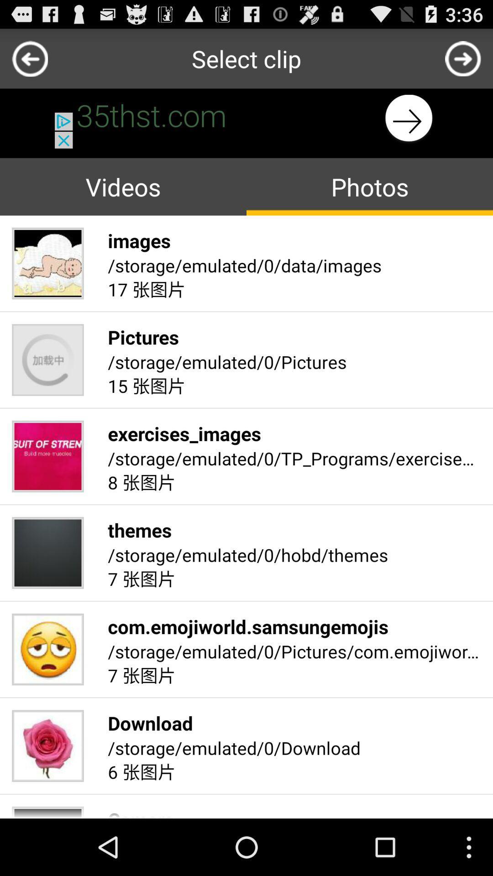 Image resolution: width=493 pixels, height=876 pixels. I want to click on go next, so click(246, 118).